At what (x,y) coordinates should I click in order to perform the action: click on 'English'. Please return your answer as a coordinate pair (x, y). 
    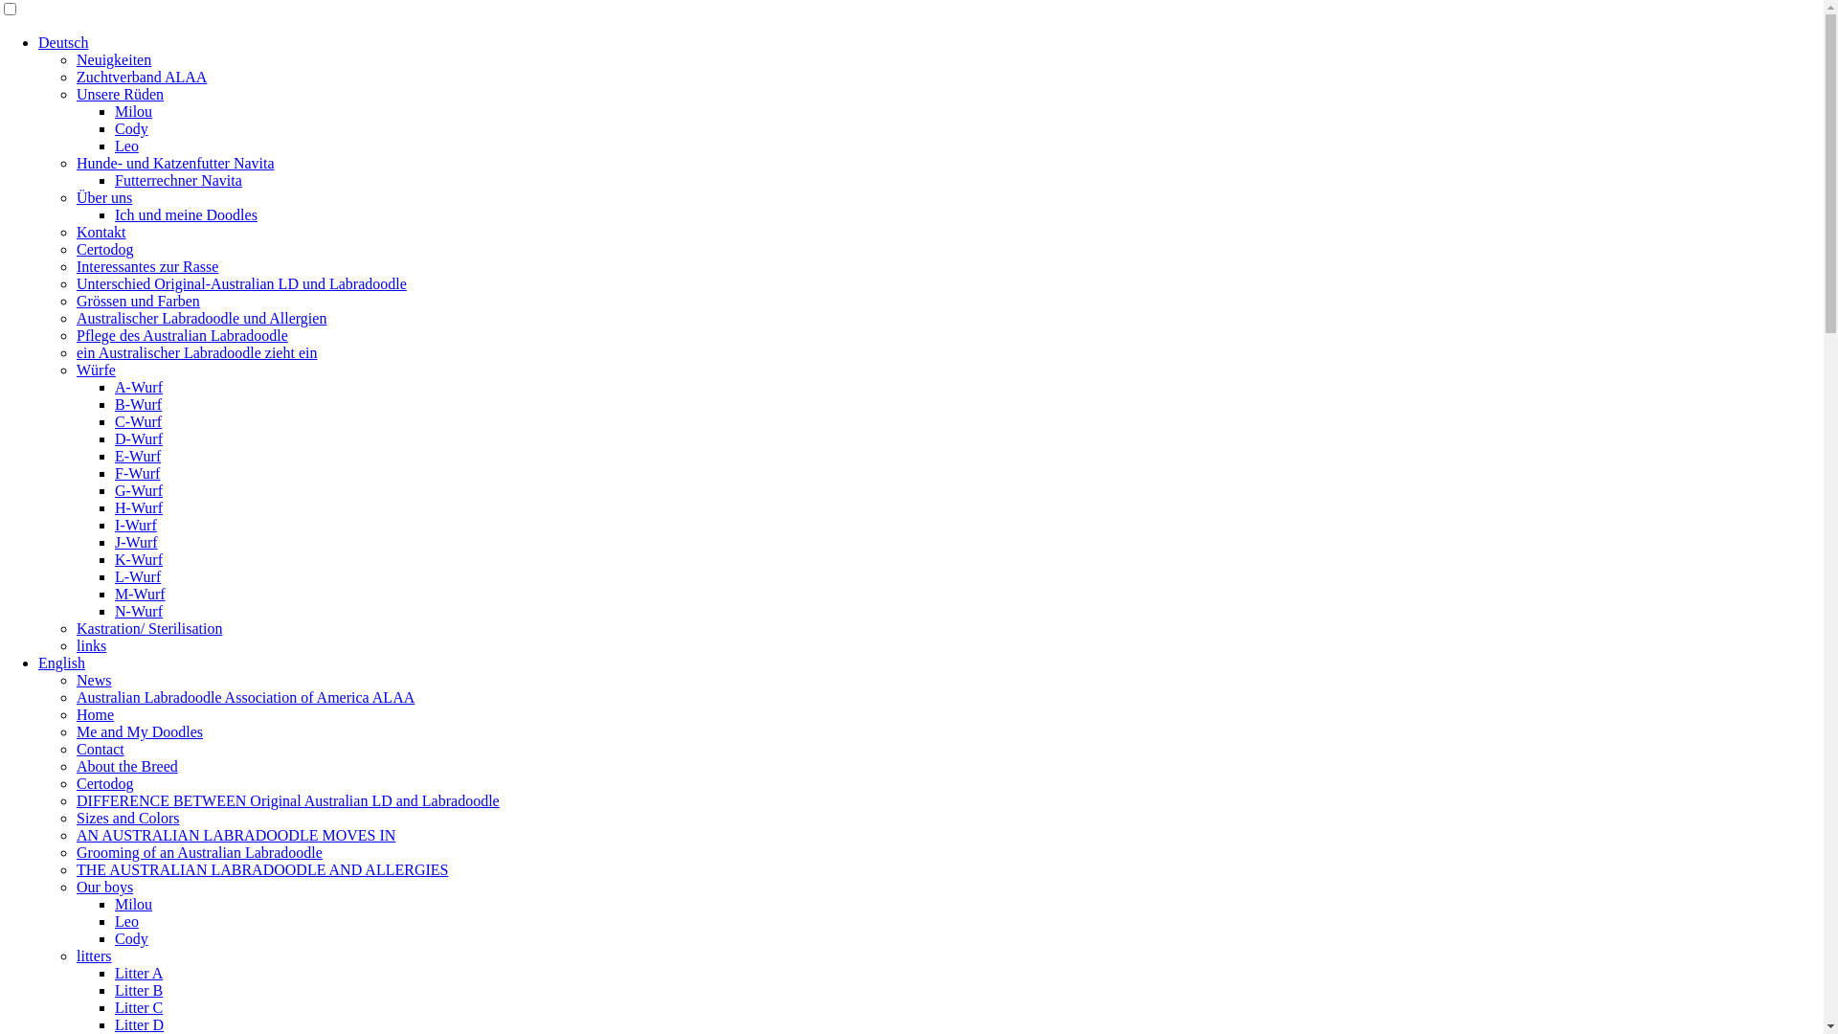
    Looking at the image, I should click on (61, 662).